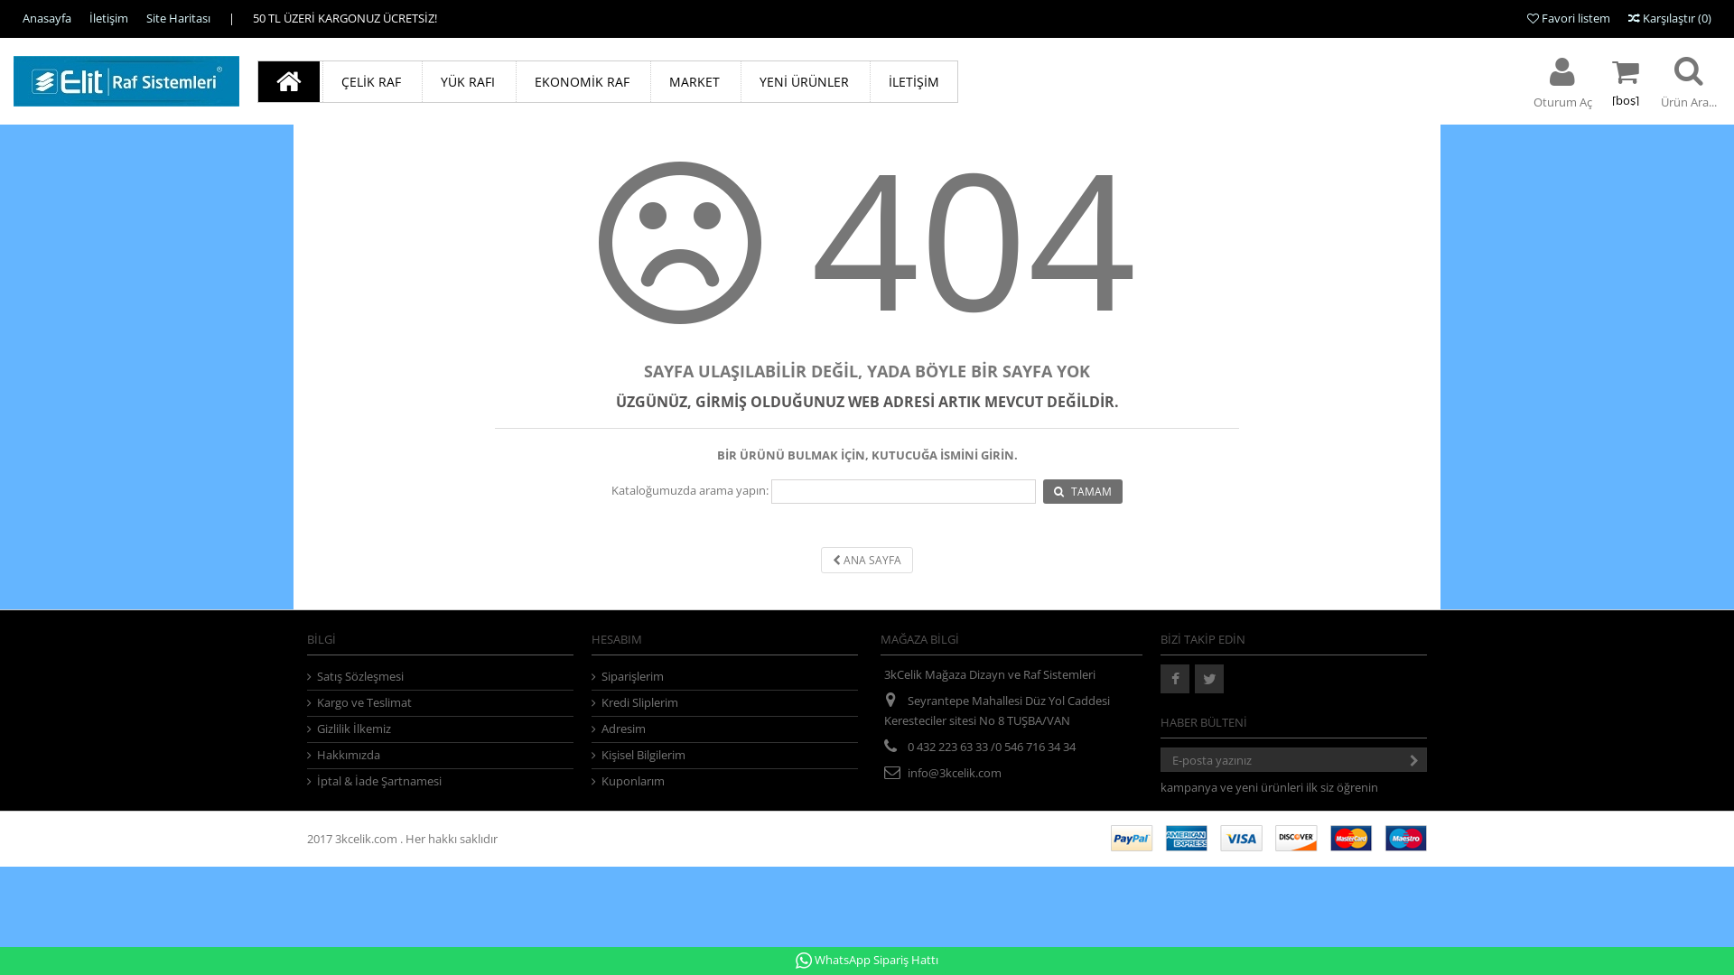  I want to click on '3kcelik.com ', so click(367, 839).